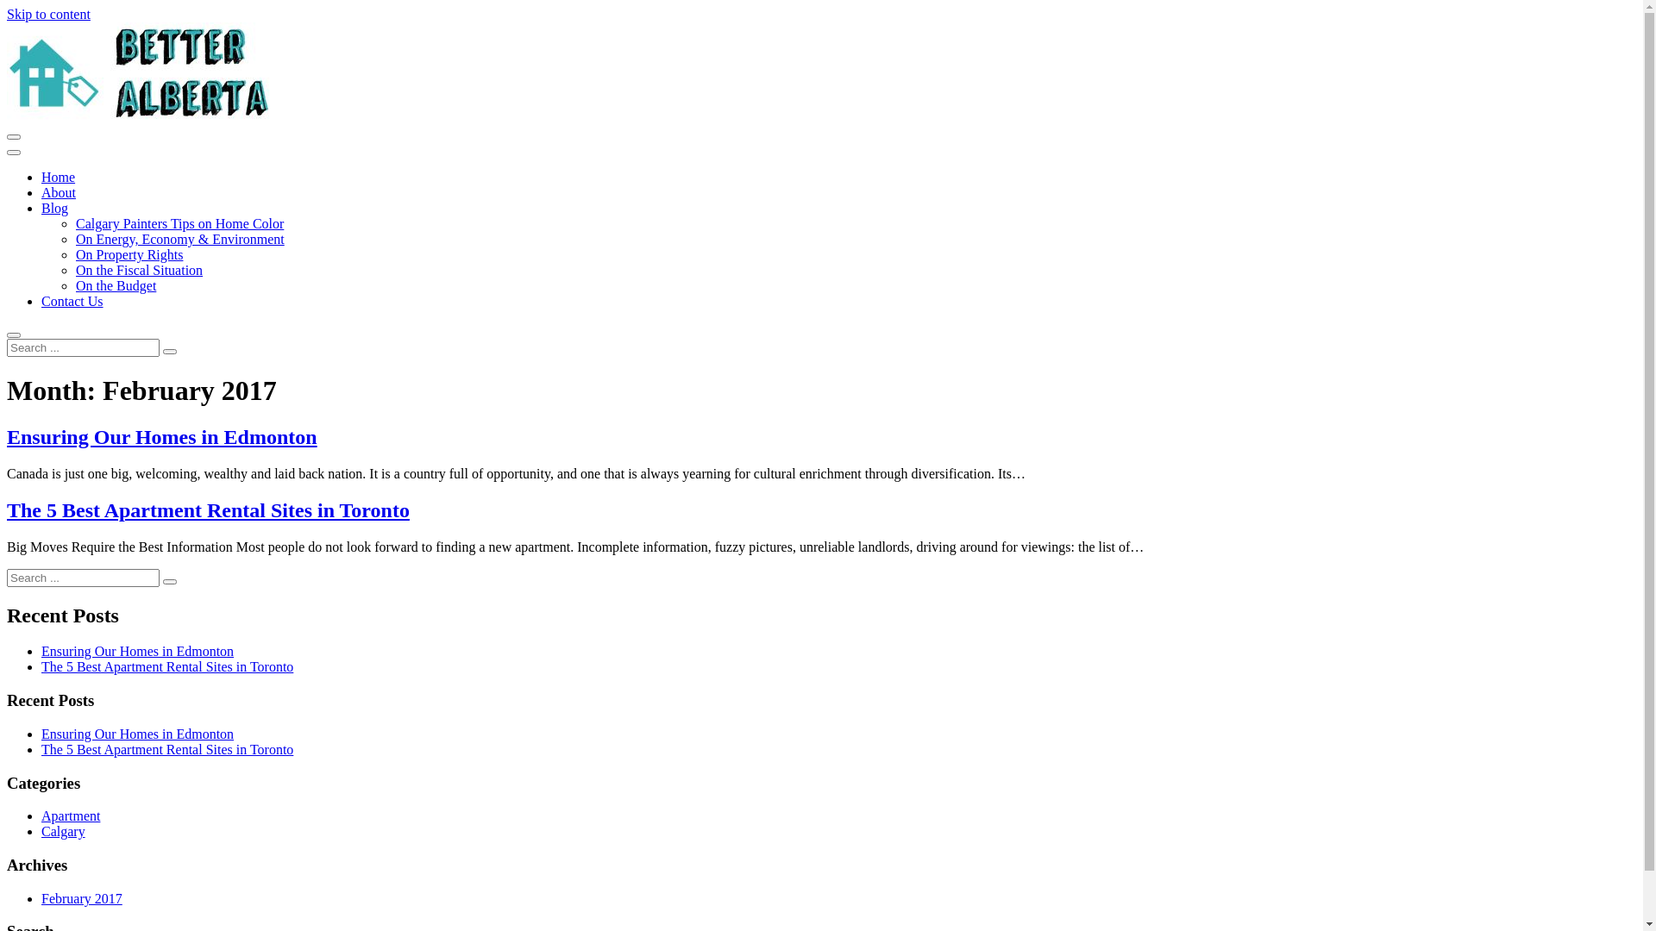 The height and width of the screenshot is (931, 1656). I want to click on 'On Energy, Economy & Environment', so click(180, 239).